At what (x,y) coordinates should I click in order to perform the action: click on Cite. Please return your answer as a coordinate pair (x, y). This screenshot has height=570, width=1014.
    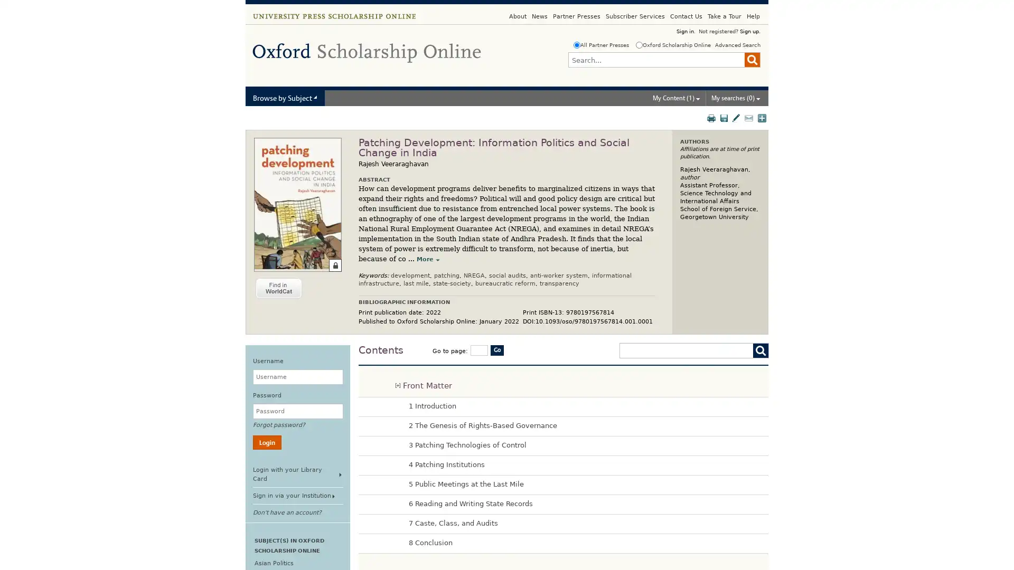
    Looking at the image, I should click on (736, 118).